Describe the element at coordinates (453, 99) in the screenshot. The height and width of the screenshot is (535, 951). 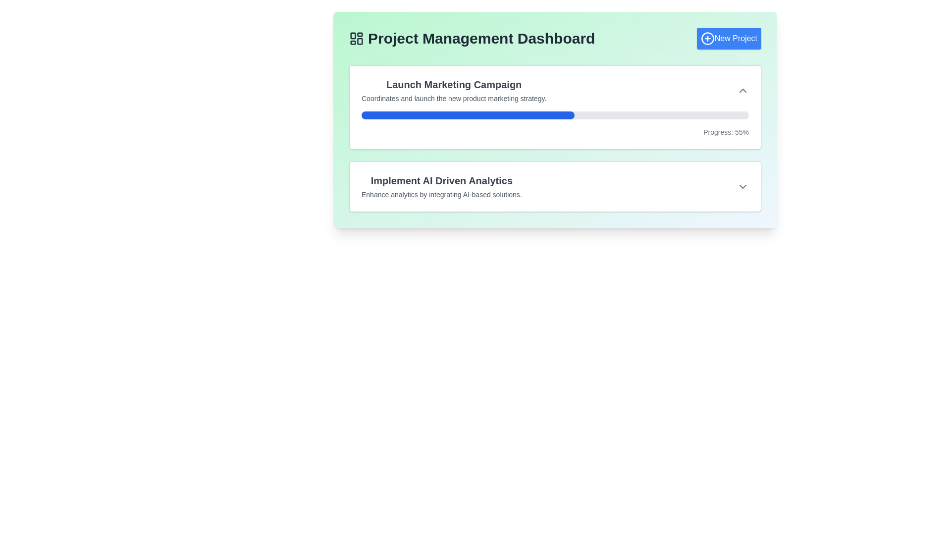
I see `the text label providing additional information related to the 'Launch Marketing Campaign' title, which is positioned directly below the title and above the progress bar` at that location.